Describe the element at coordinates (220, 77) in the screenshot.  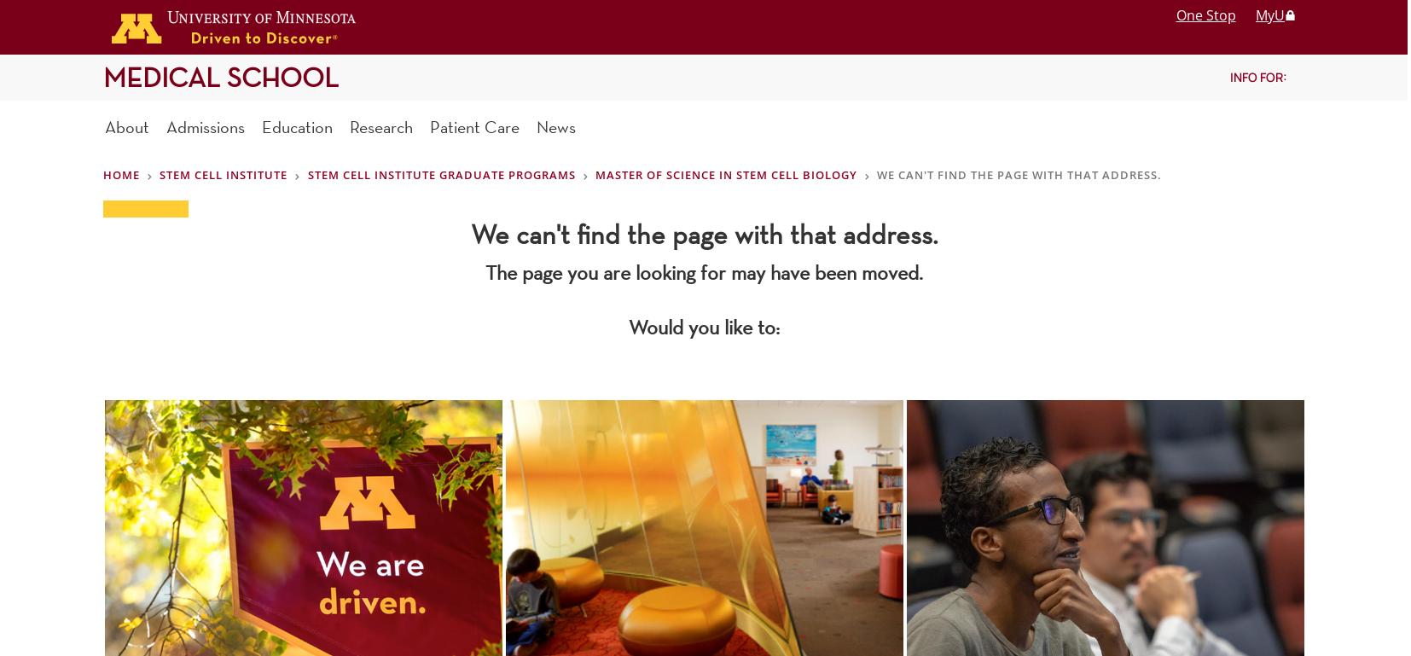
I see `'Medical School'` at that location.